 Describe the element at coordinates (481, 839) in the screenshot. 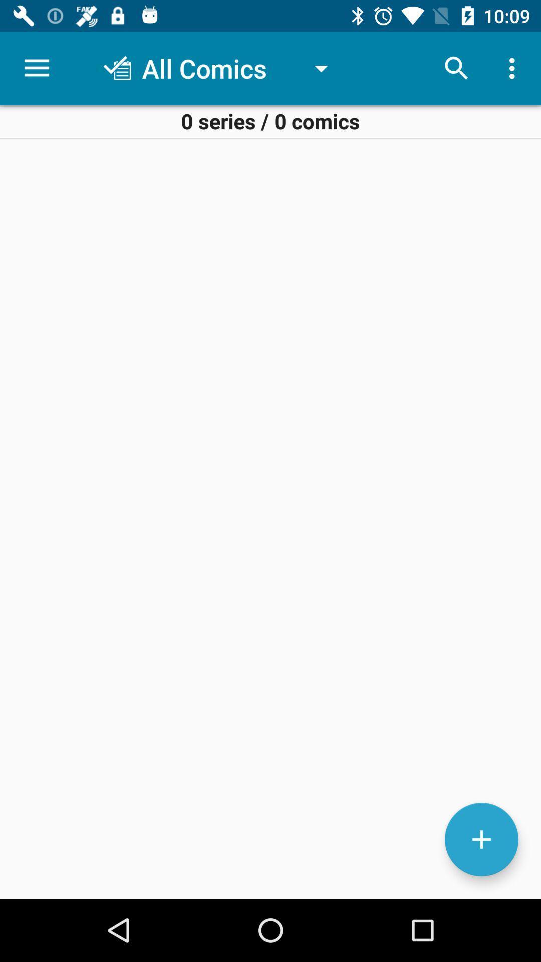

I see `the add icon` at that location.